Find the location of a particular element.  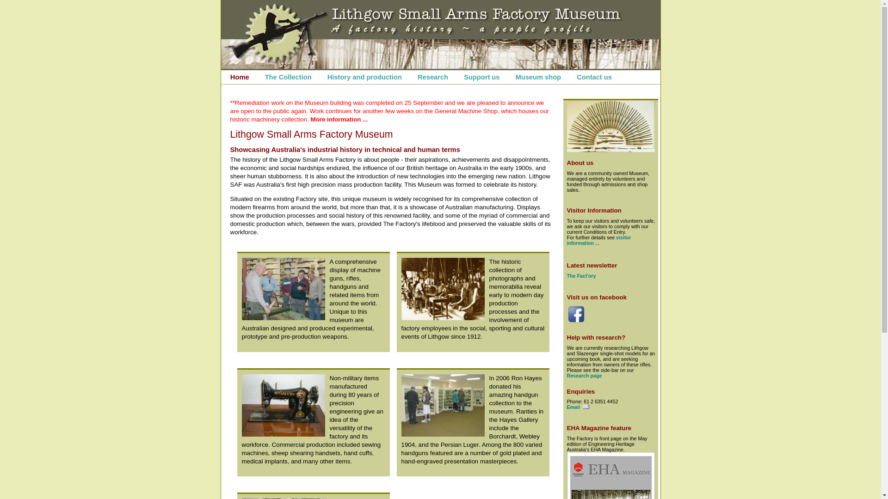

'Museum shop' is located at coordinates (538, 76).